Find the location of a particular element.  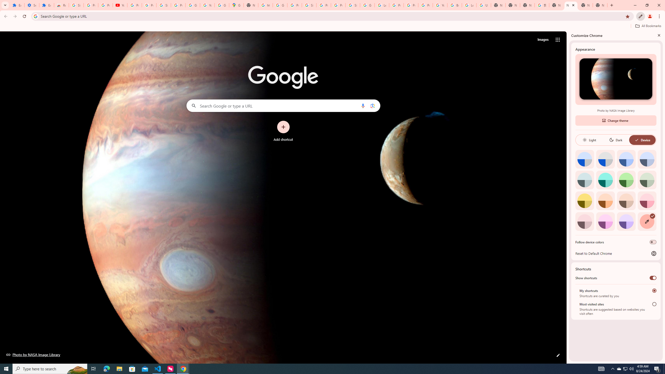

'Pink' is located at coordinates (584, 221).